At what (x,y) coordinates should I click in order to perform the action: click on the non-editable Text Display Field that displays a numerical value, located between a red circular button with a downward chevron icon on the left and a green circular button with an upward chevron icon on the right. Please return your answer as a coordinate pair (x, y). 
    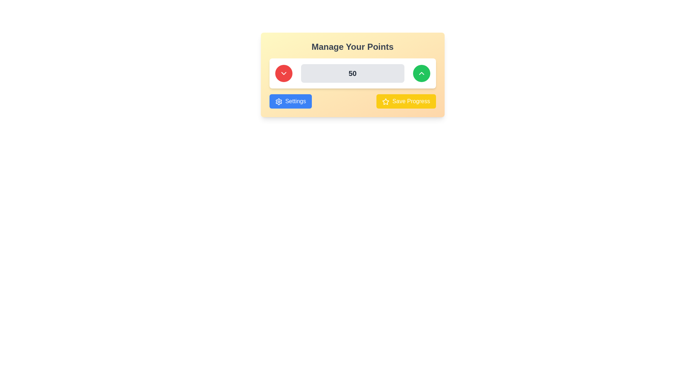
    Looking at the image, I should click on (352, 73).